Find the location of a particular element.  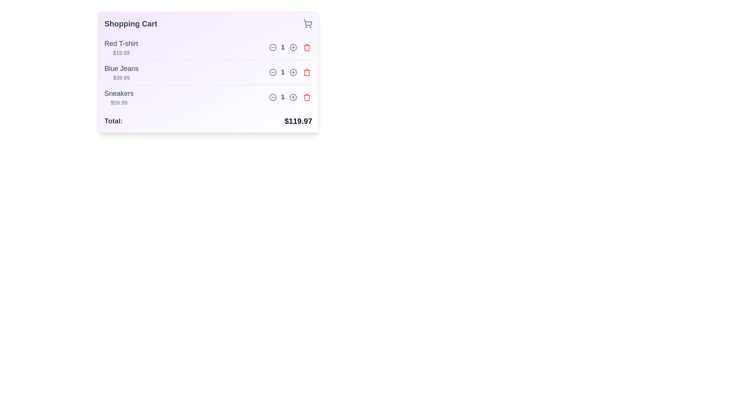

the 'Red T-shirt' text label, which displays the price '$19.99' and is styled with a larger font size in a bold gray color, positioned at the upper left corner of the shopping cart's item list is located at coordinates (121, 47).